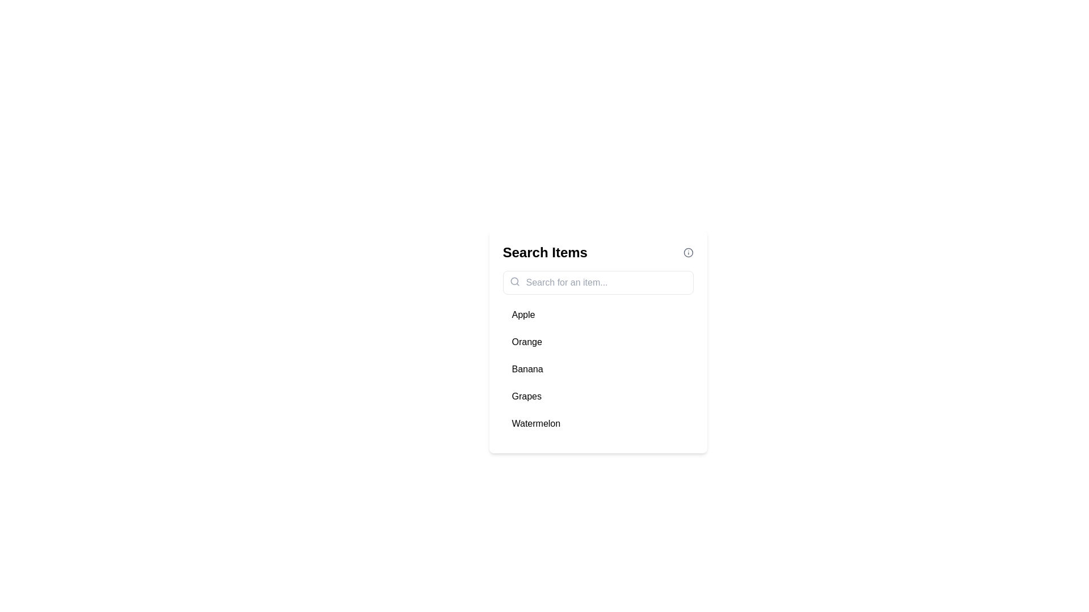  Describe the element at coordinates (514, 281) in the screenshot. I see `the search icon to trigger visual feedback` at that location.